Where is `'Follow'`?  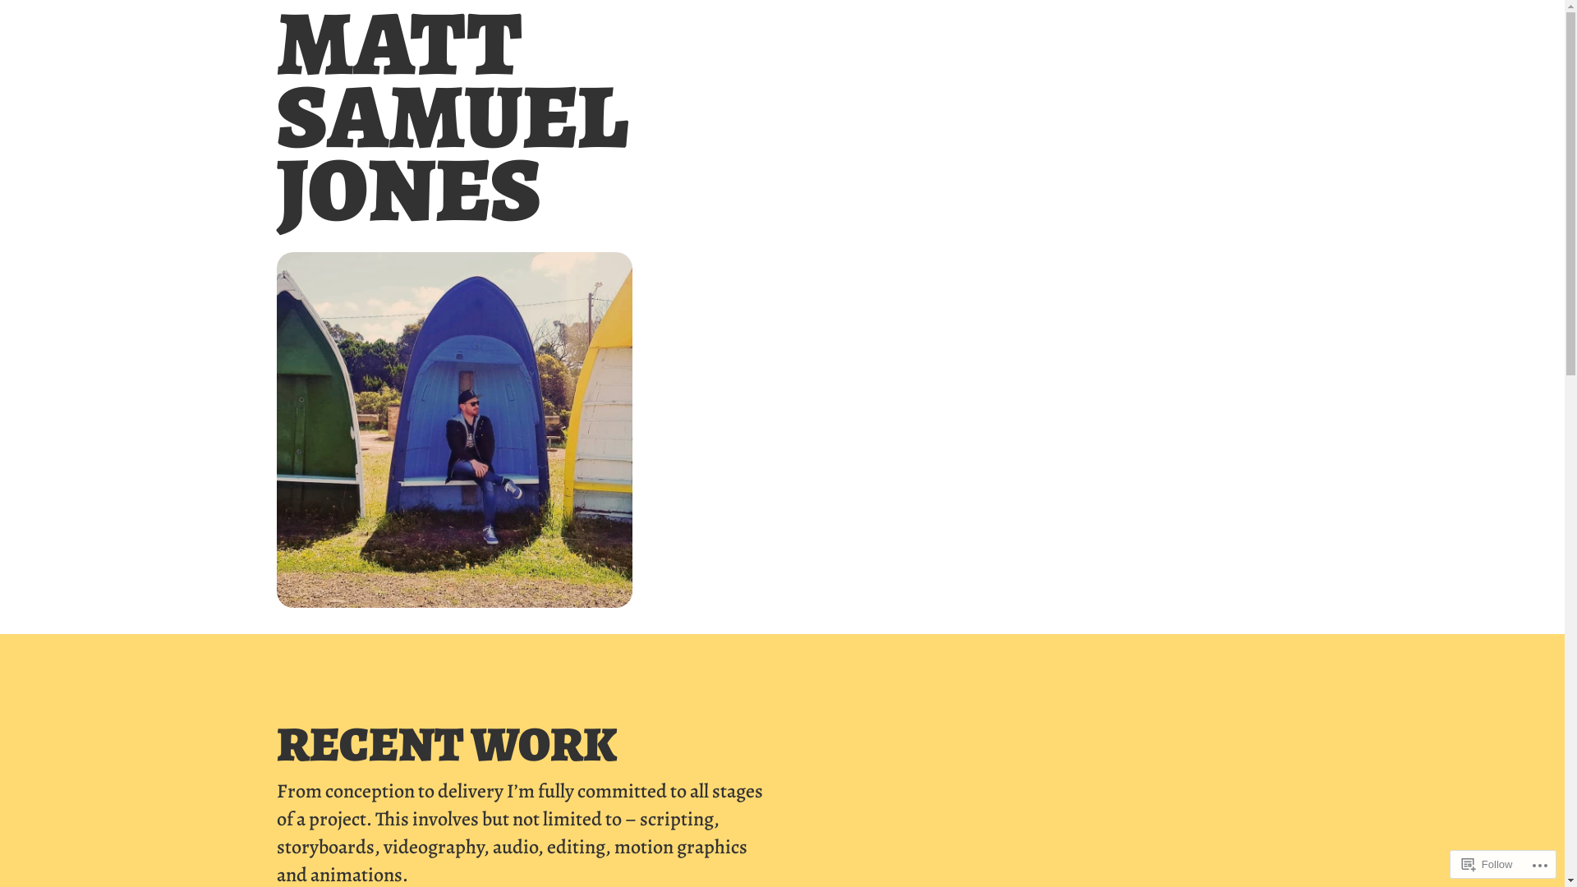 'Follow' is located at coordinates (1487, 863).